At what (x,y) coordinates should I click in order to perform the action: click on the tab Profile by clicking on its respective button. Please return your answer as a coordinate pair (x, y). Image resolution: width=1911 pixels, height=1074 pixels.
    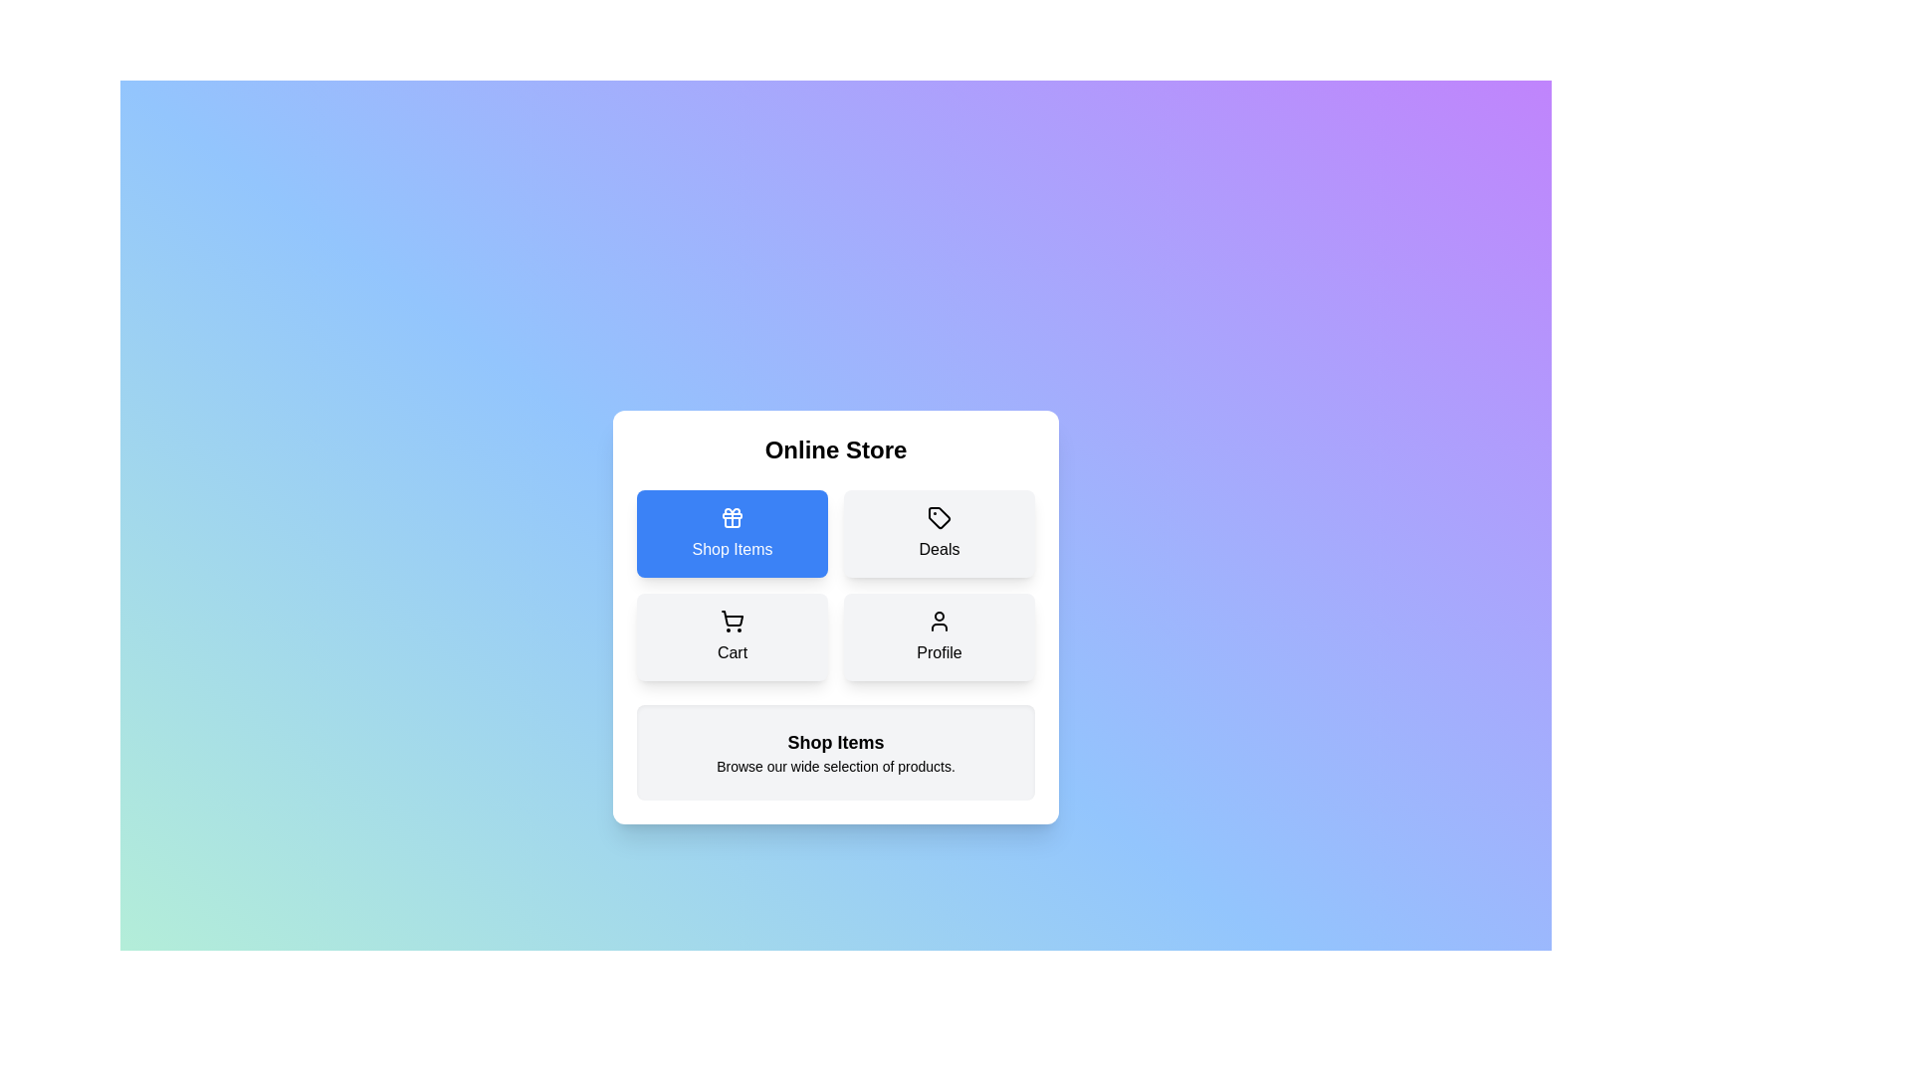
    Looking at the image, I should click on (939, 636).